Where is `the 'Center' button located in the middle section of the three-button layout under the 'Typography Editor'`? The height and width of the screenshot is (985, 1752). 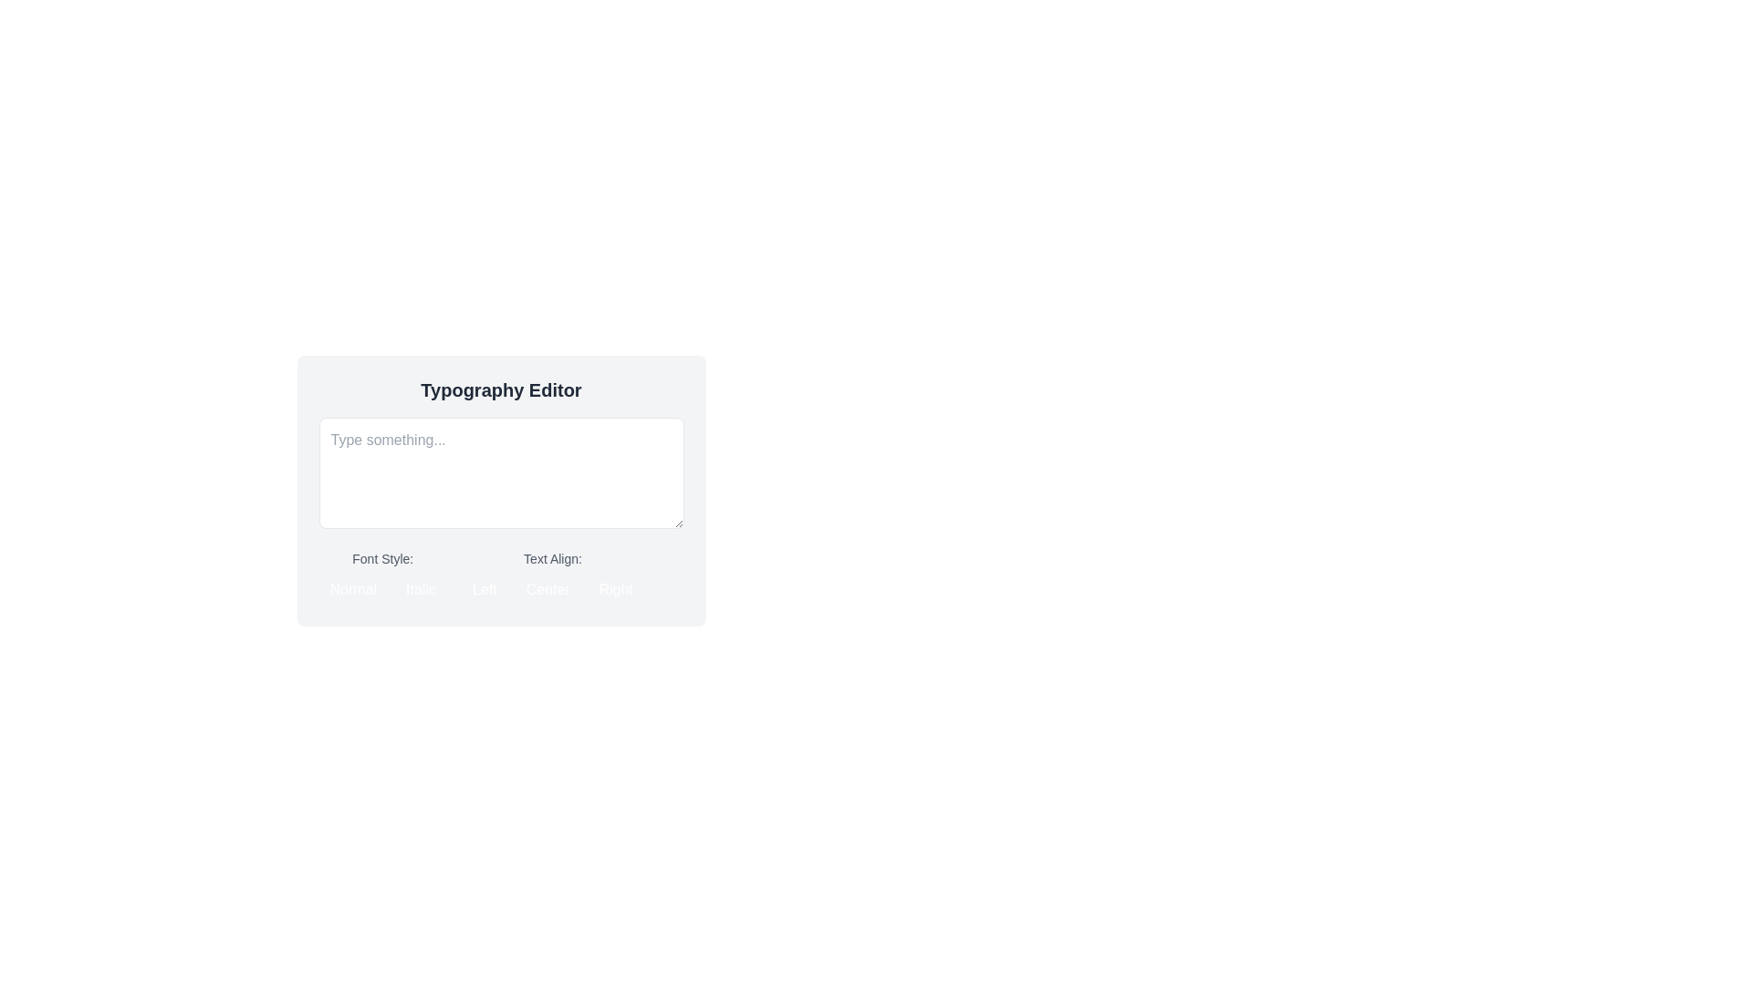 the 'Center' button located in the middle section of the three-button layout under the 'Typography Editor' is located at coordinates (547, 590).